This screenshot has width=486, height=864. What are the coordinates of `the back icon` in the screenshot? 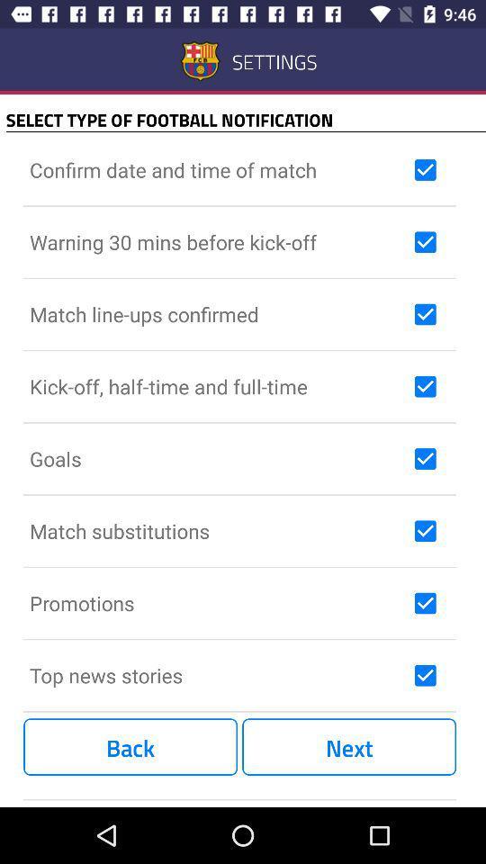 It's located at (130, 747).